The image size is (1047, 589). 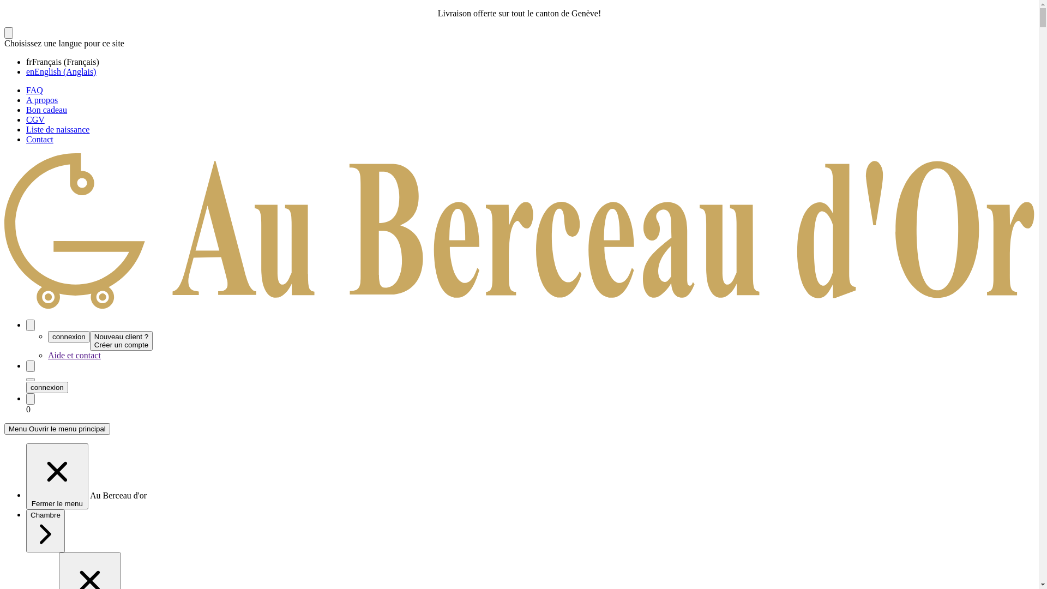 I want to click on 'Aide et contact', so click(x=74, y=355).